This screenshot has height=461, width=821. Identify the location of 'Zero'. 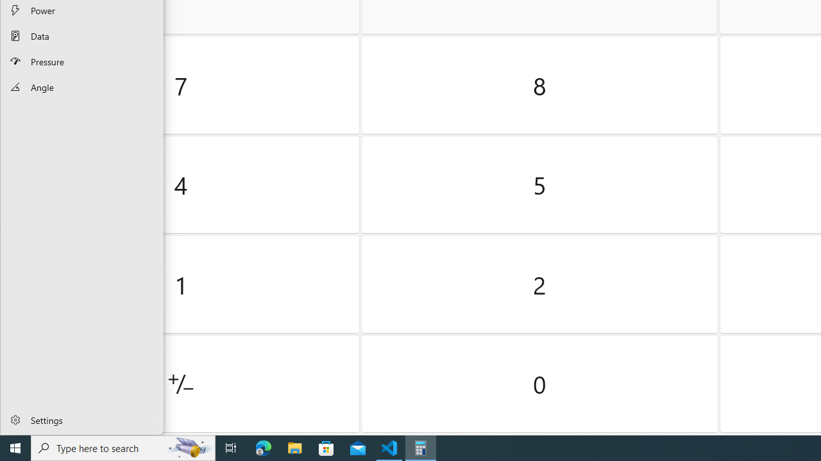
(539, 383).